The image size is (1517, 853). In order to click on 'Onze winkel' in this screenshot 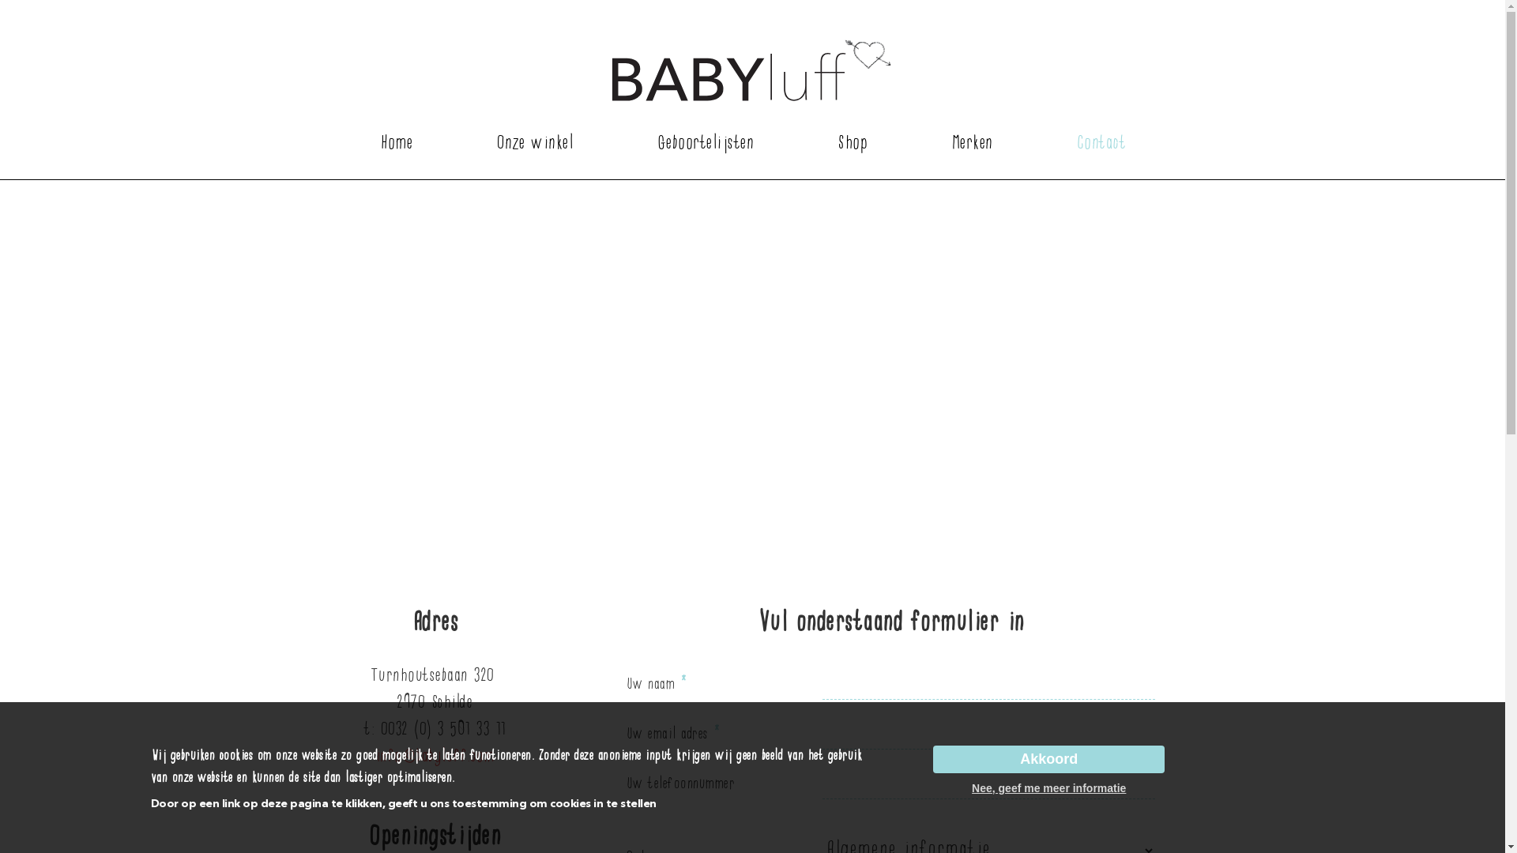, I will do `click(534, 143)`.